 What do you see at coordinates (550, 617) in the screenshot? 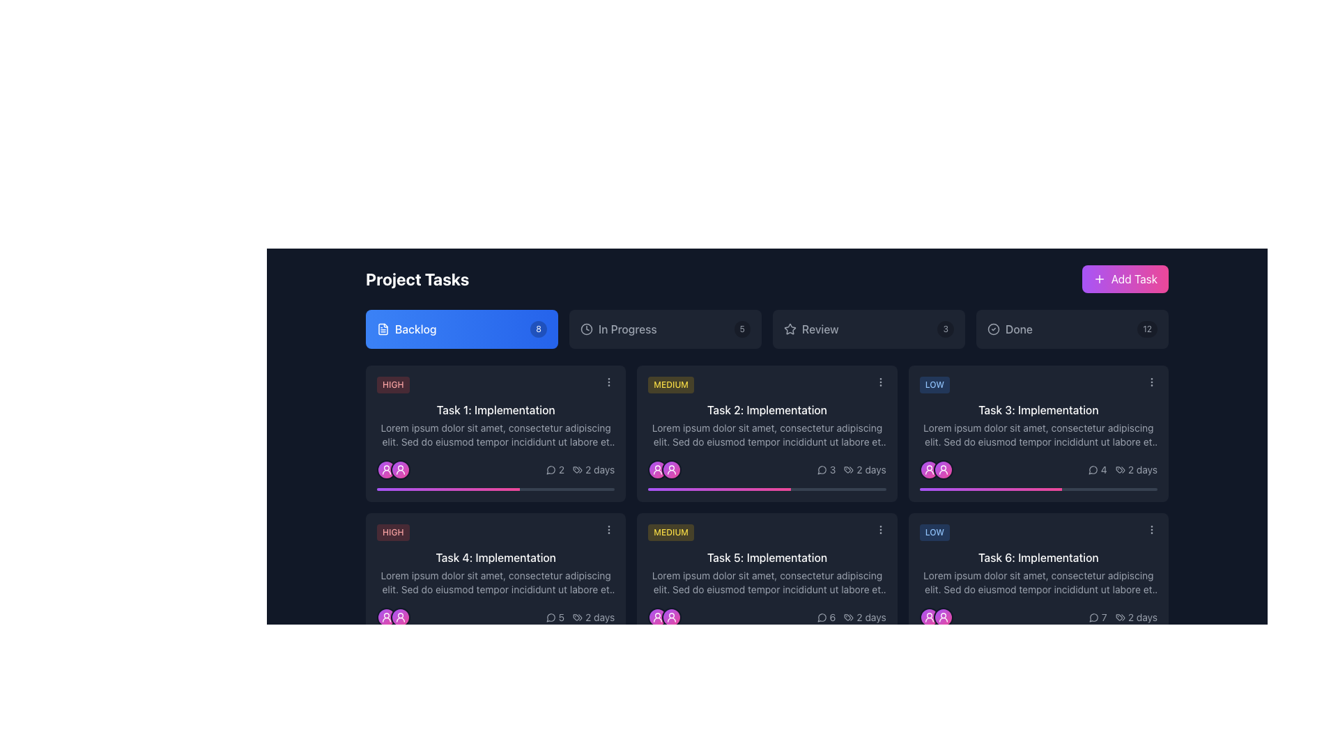
I see `the circular speech bubble icon with a pointed tail located in the bottom section of the 'Task 4: Implementation' card in the Project Tasks interface` at bounding box center [550, 617].